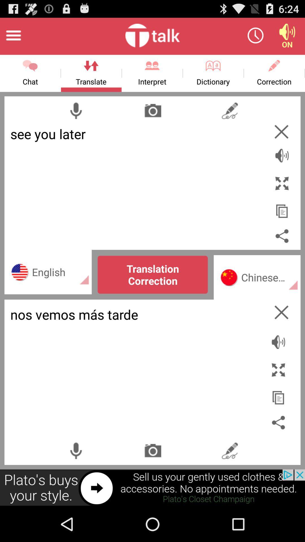 The image size is (305, 542). Describe the element at coordinates (279, 422) in the screenshot. I see `the copy icon` at that location.